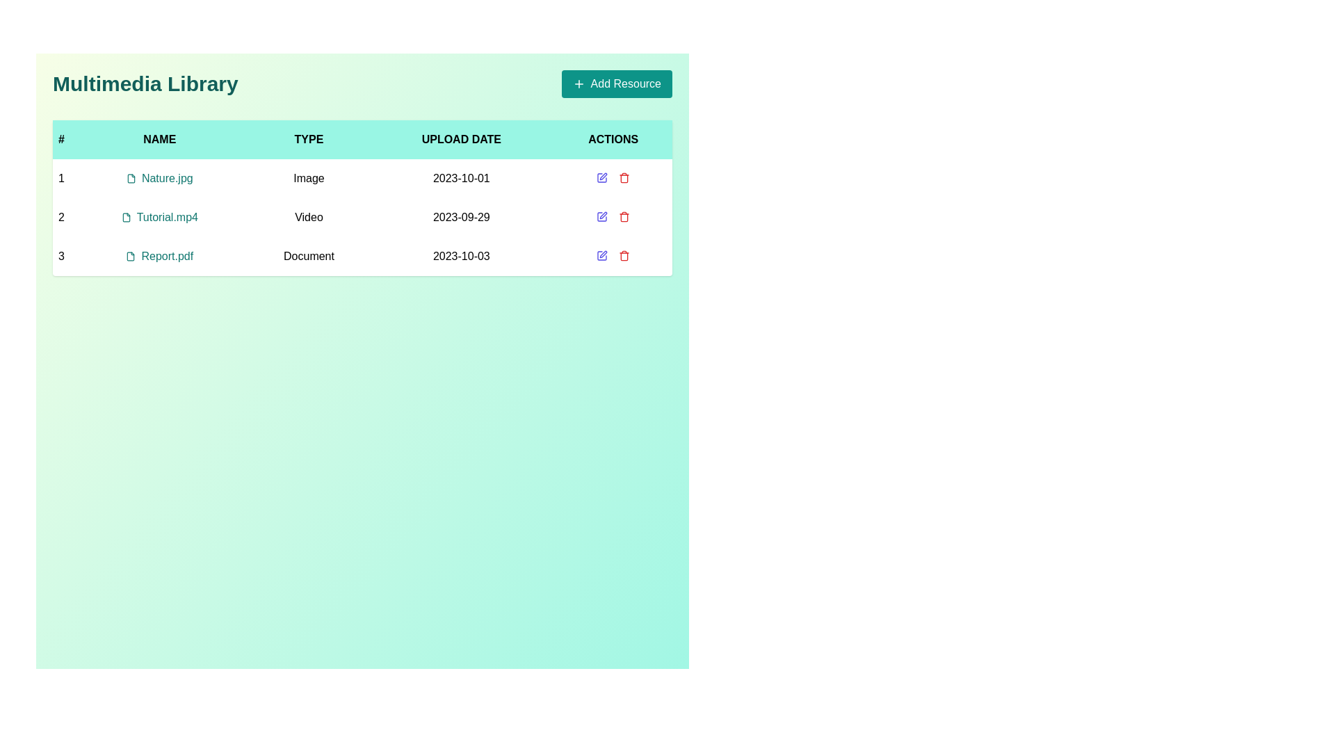 This screenshot has height=751, width=1335. Describe the element at coordinates (60, 257) in the screenshot. I see `the bold, black-colored digit '3' in the first column of the table, which serves as an identifier for rows, specifically the row containing 'Report.pdf'` at that location.